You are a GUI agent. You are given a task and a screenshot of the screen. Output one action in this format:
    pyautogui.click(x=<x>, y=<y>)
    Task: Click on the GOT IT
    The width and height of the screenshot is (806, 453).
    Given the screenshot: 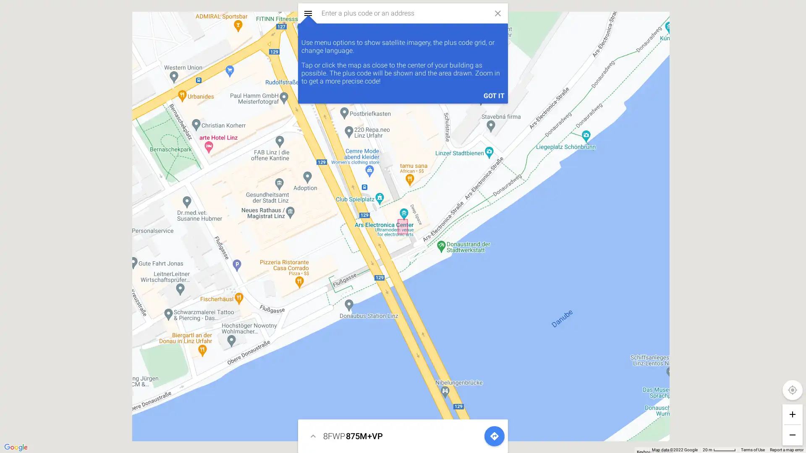 What is the action you would take?
    pyautogui.click(x=494, y=95)
    